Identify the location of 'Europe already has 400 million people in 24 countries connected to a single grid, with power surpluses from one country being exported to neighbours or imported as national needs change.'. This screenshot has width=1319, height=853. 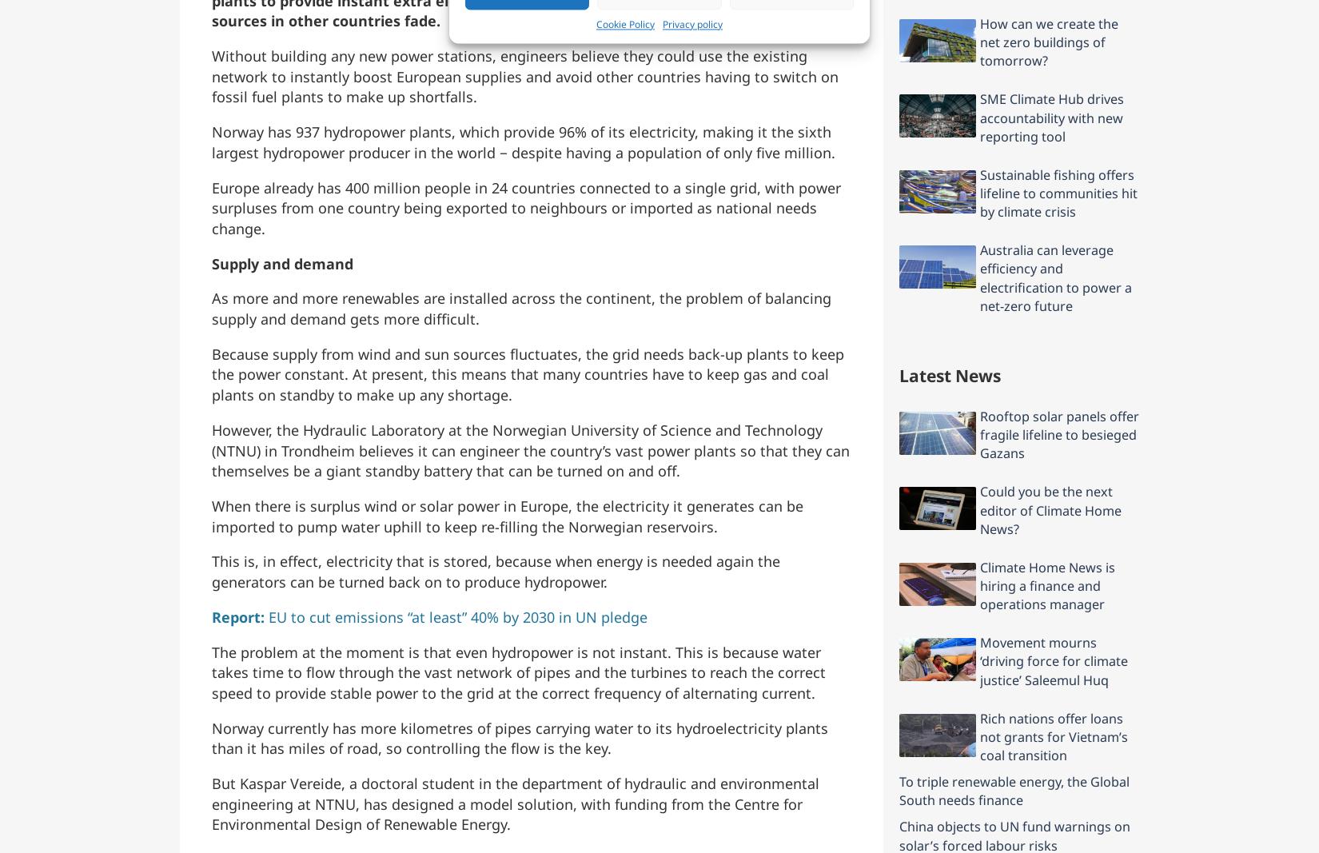
(525, 207).